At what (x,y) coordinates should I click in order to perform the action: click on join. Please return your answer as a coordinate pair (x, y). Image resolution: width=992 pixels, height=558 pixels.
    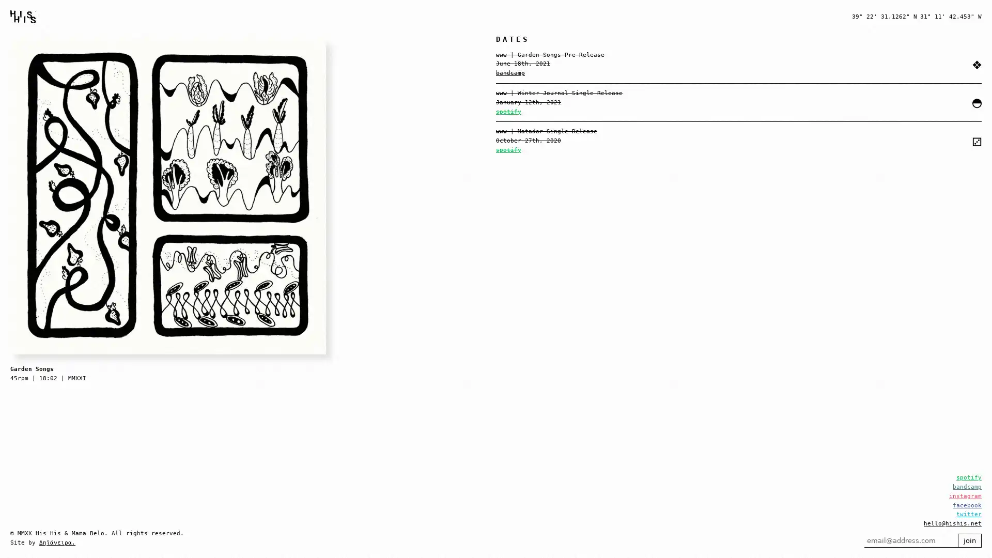
    Looking at the image, I should click on (918, 509).